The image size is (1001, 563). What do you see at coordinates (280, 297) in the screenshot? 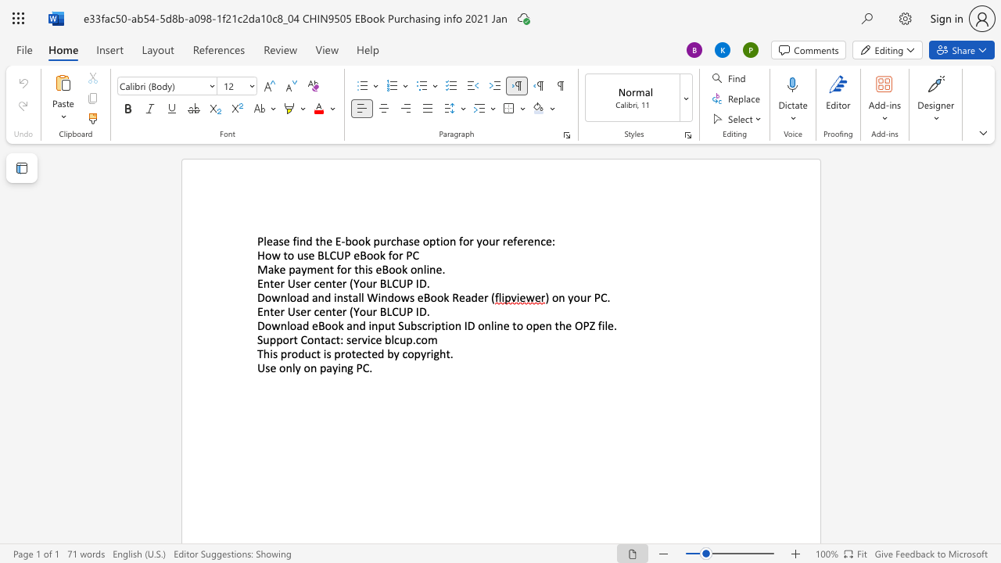
I see `the subset text "nload" within the text "Download and install Windows eBook Reader ("` at bounding box center [280, 297].